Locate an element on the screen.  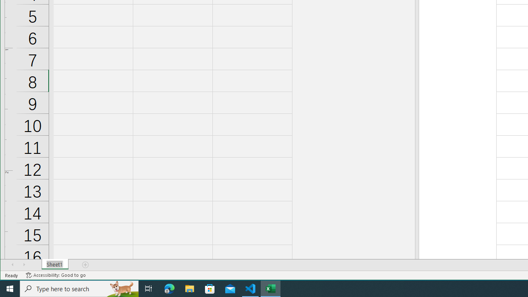
'Microsoft Edge' is located at coordinates (169, 288).